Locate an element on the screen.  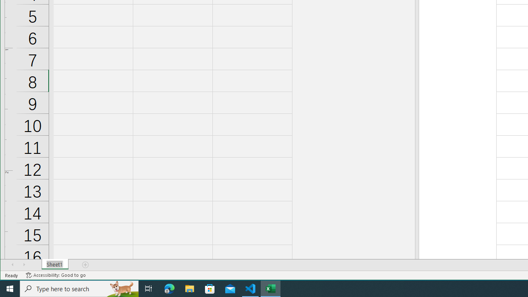
'Microsoft Edge' is located at coordinates (169, 288).